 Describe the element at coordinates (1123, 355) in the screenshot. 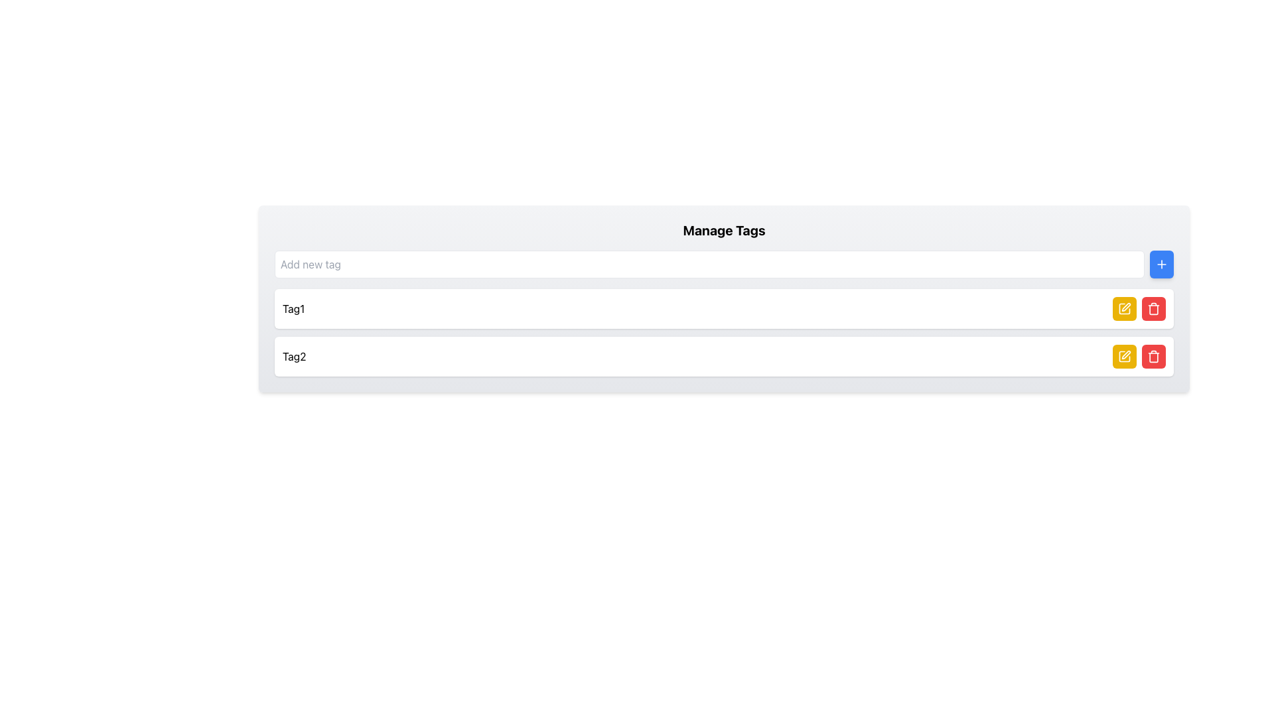

I see `the edit icon button, which is a yellow circular button located to the right of the 'Tag' list item's text field and to the left of the red trash bin icon, to initiate edit mode for the tag` at that location.